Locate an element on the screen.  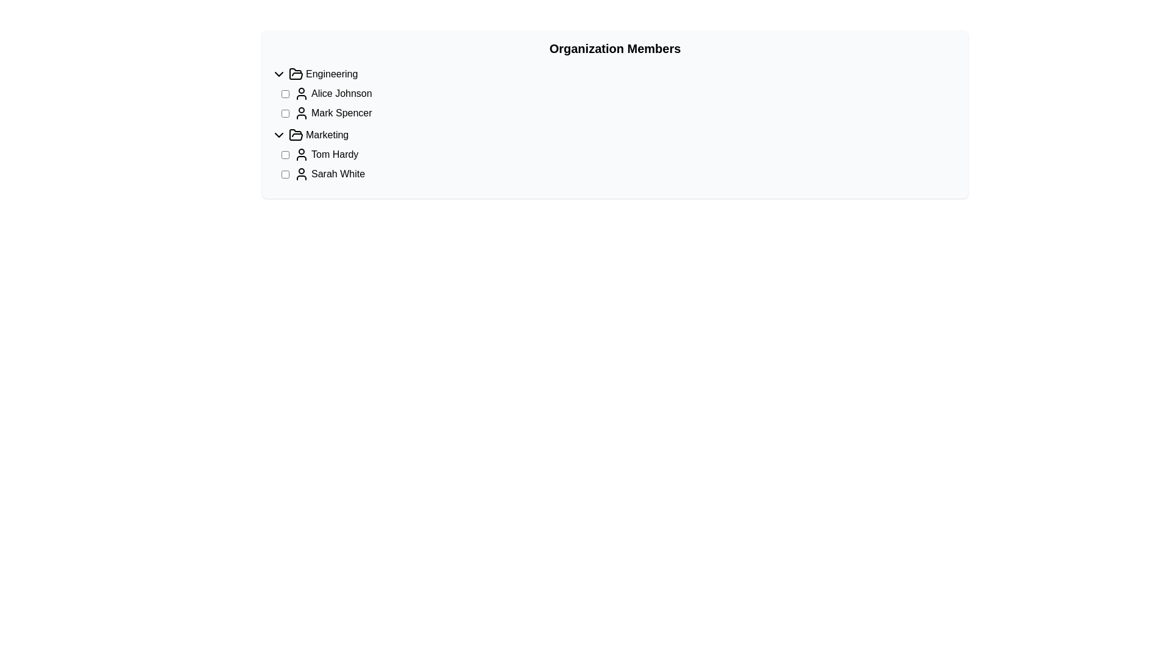
the folder icon associated with the 'Engineering' section label is located at coordinates (331, 74).